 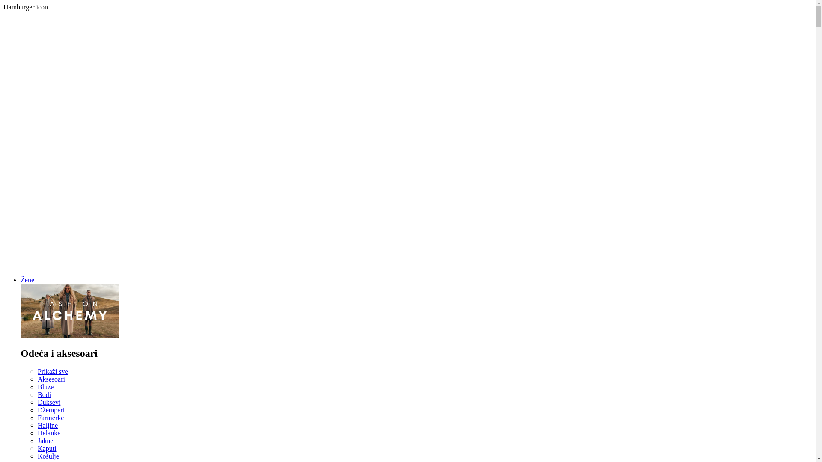 What do you see at coordinates (25, 7) in the screenshot?
I see `'Hamburger icon'` at bounding box center [25, 7].